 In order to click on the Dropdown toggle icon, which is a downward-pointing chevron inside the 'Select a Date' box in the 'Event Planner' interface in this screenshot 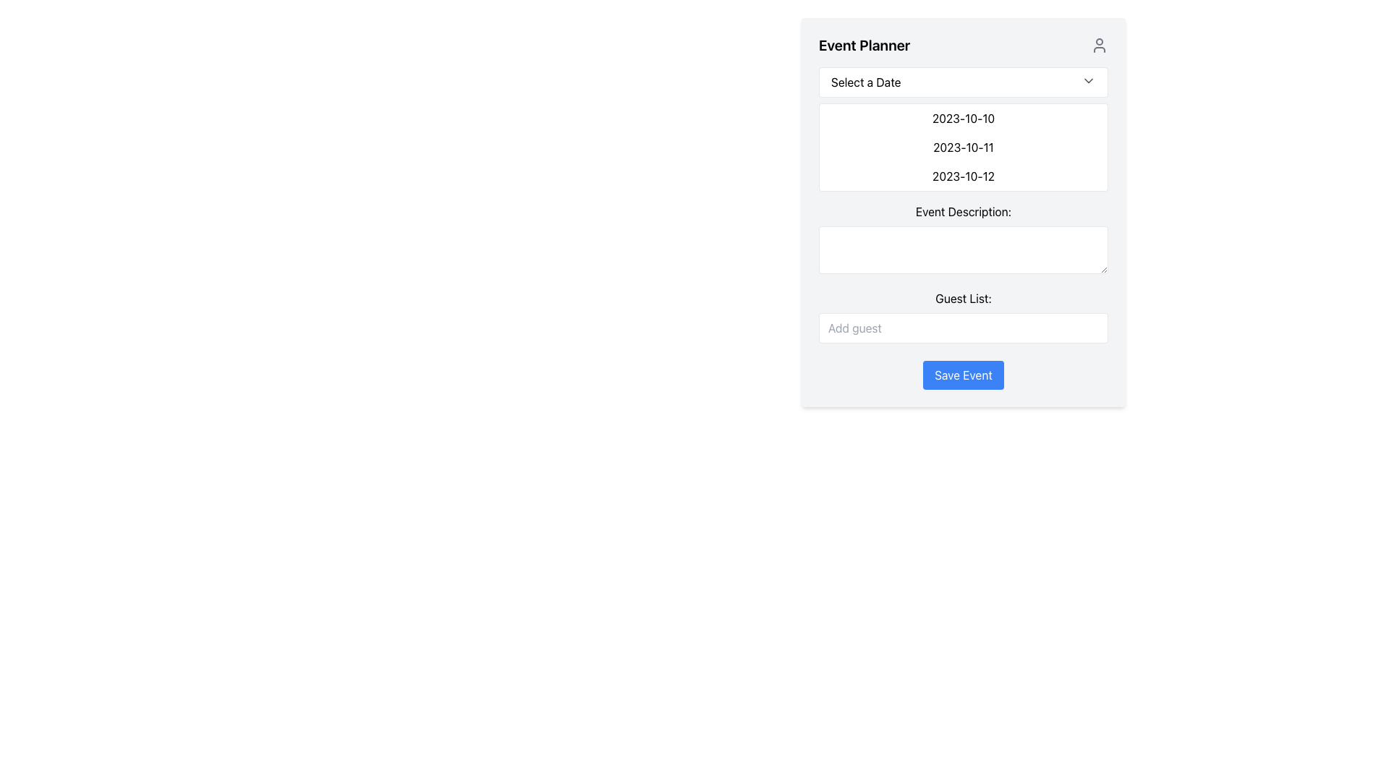, I will do `click(1089, 80)`.